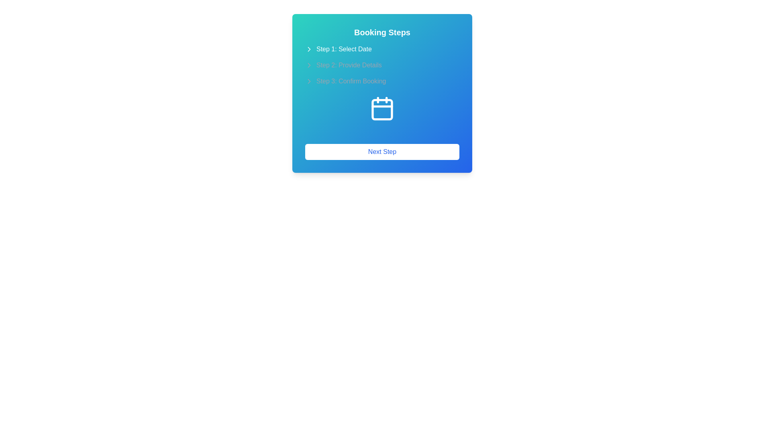 Image resolution: width=771 pixels, height=433 pixels. What do you see at coordinates (349, 65) in the screenshot?
I see `the gray-colored text label displaying 'Step 2: Provide Details', which is part of a vertical step list in a card-like interface` at bounding box center [349, 65].